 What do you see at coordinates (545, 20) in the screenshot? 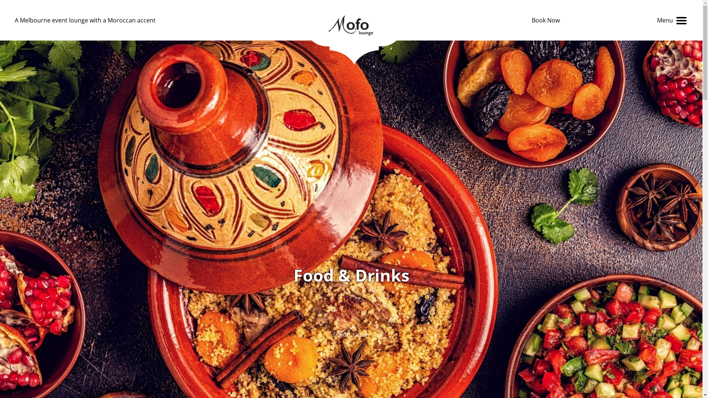
I see `'Book Now'` at bounding box center [545, 20].